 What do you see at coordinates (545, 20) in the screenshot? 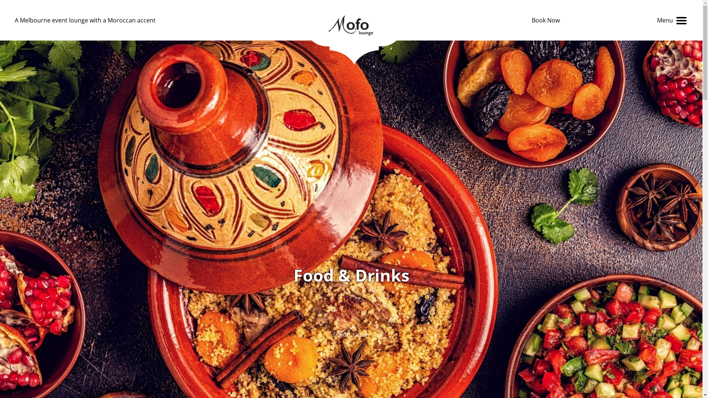
I see `'Book Now'` at bounding box center [545, 20].